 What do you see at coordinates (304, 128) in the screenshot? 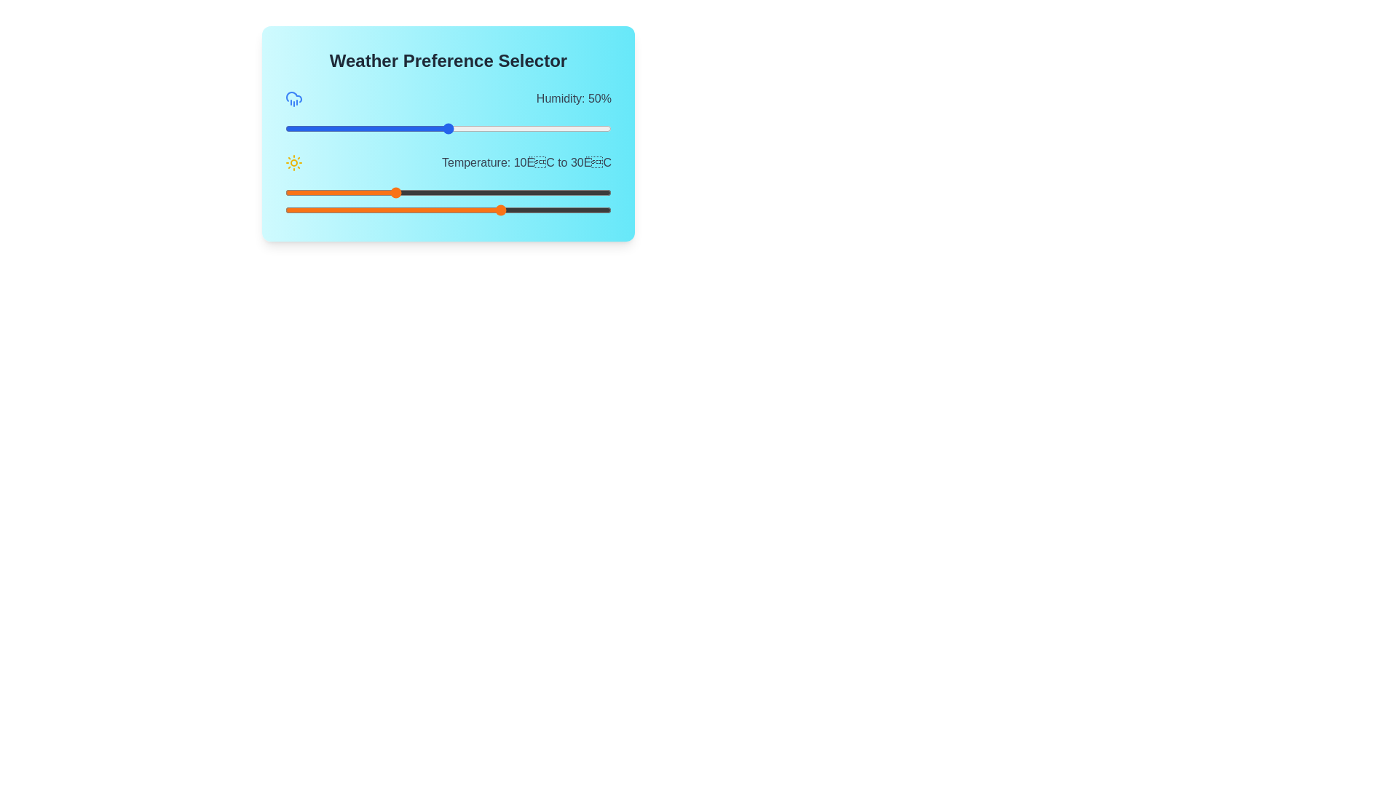
I see `the humidity slider to set the humidity level to 6%` at bounding box center [304, 128].